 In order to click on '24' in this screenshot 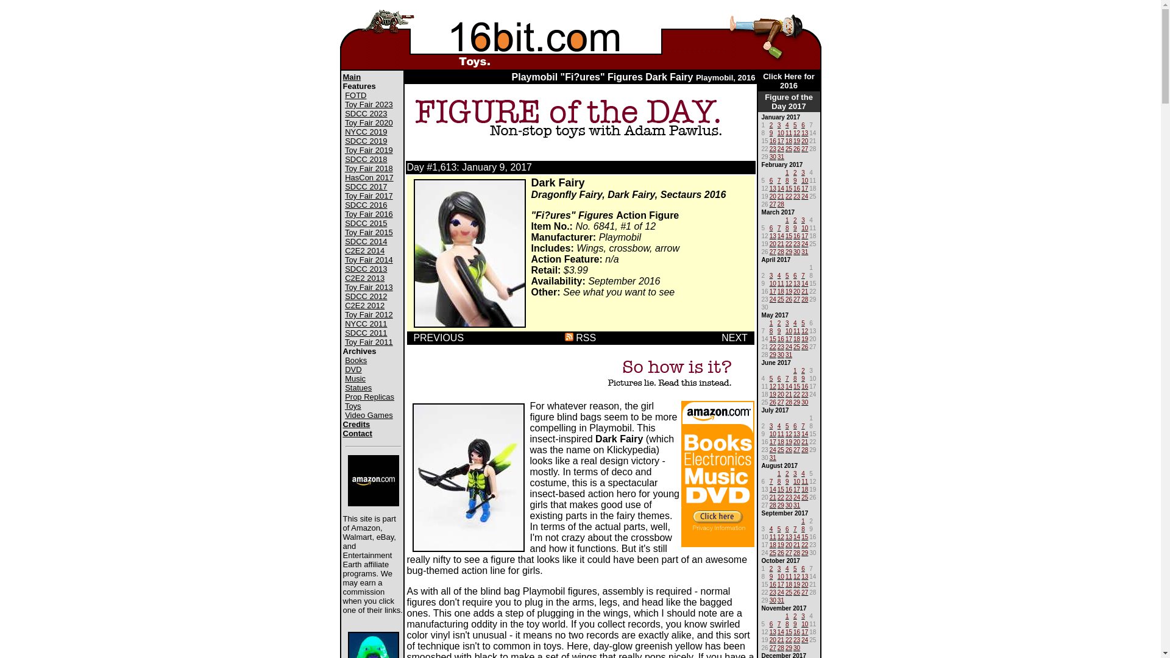, I will do `click(804, 194)`.